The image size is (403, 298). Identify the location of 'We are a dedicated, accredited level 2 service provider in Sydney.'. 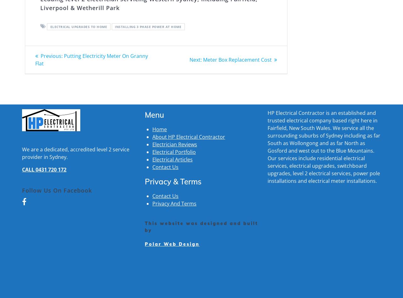
(76, 153).